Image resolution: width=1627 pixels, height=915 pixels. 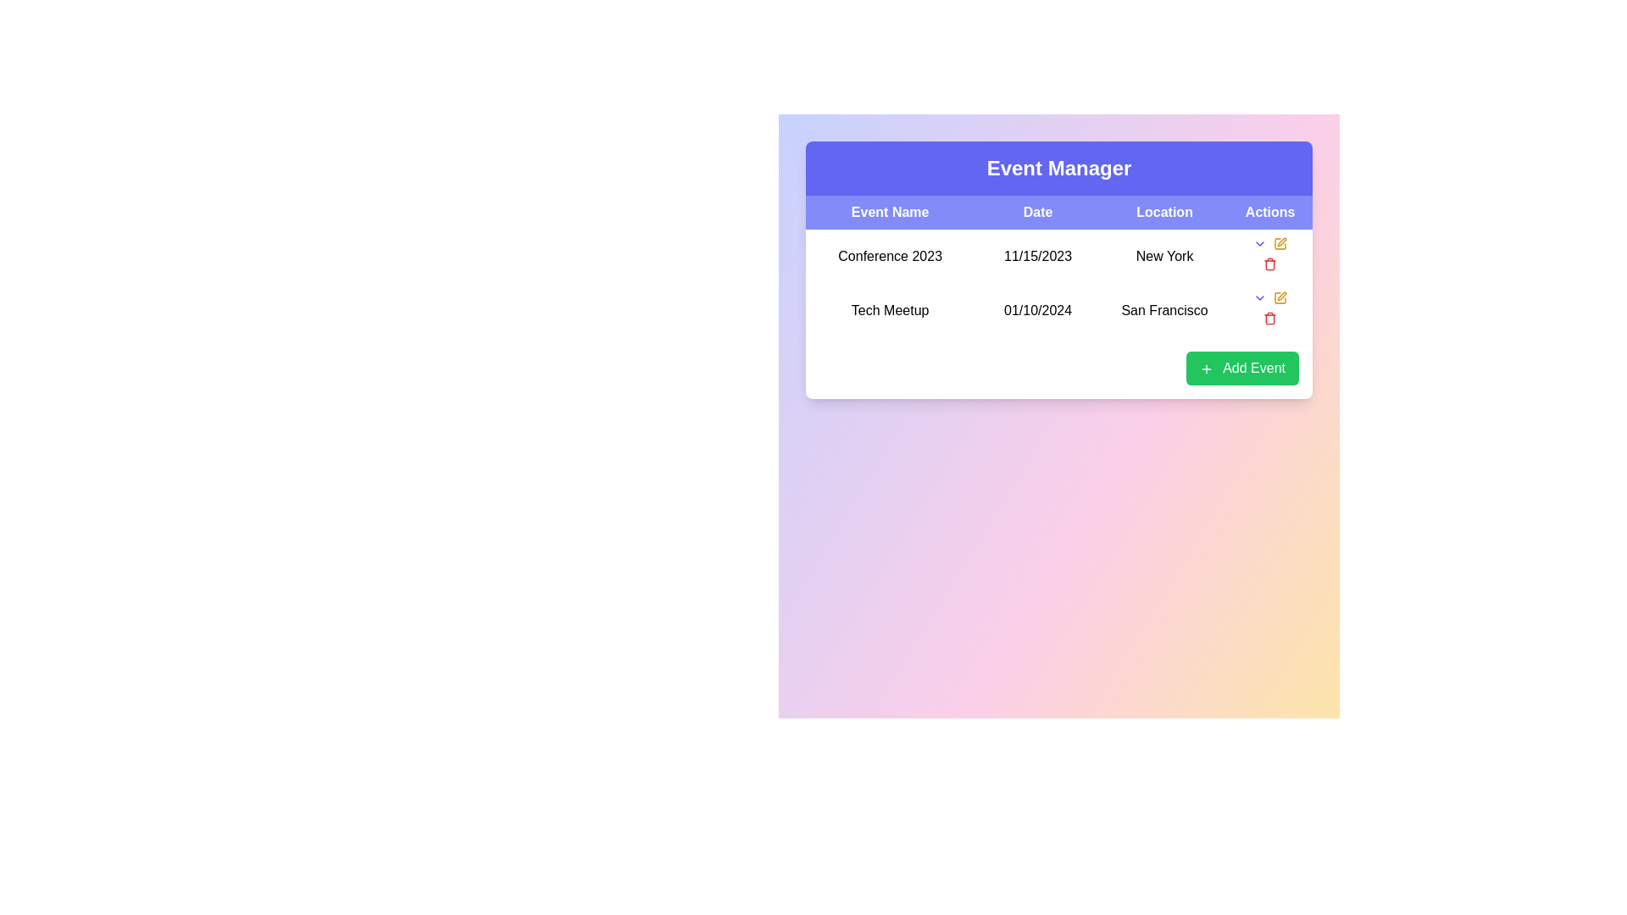 What do you see at coordinates (889, 257) in the screenshot?
I see `the text label representing the event name 'Conference 2023' located in the first cell of the 'Event Name' column under the header 'Event Manager'` at bounding box center [889, 257].